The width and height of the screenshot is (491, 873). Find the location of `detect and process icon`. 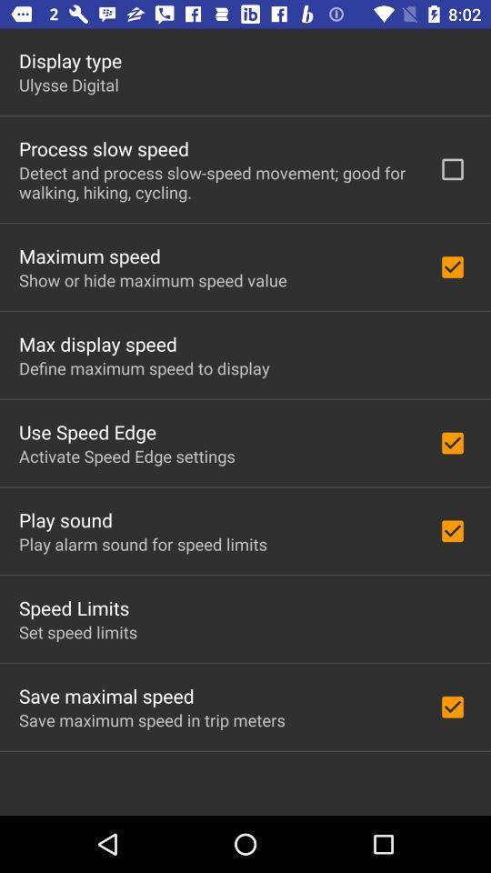

detect and process icon is located at coordinates (216, 182).